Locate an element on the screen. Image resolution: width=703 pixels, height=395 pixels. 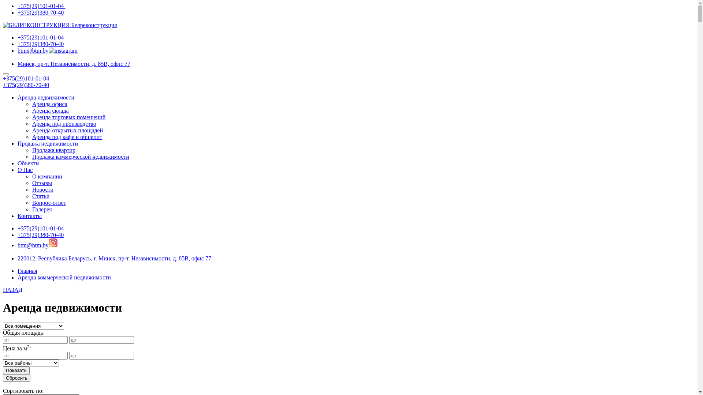
'+375(29)380-70-40' is located at coordinates (40, 235).